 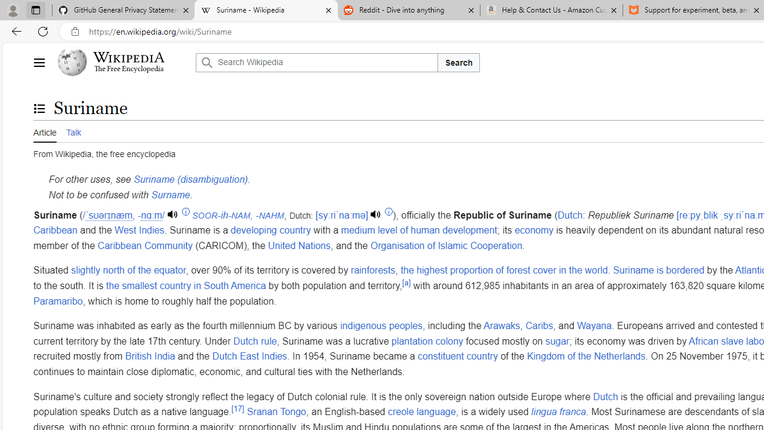 What do you see at coordinates (72, 131) in the screenshot?
I see `'Talk'` at bounding box center [72, 131].